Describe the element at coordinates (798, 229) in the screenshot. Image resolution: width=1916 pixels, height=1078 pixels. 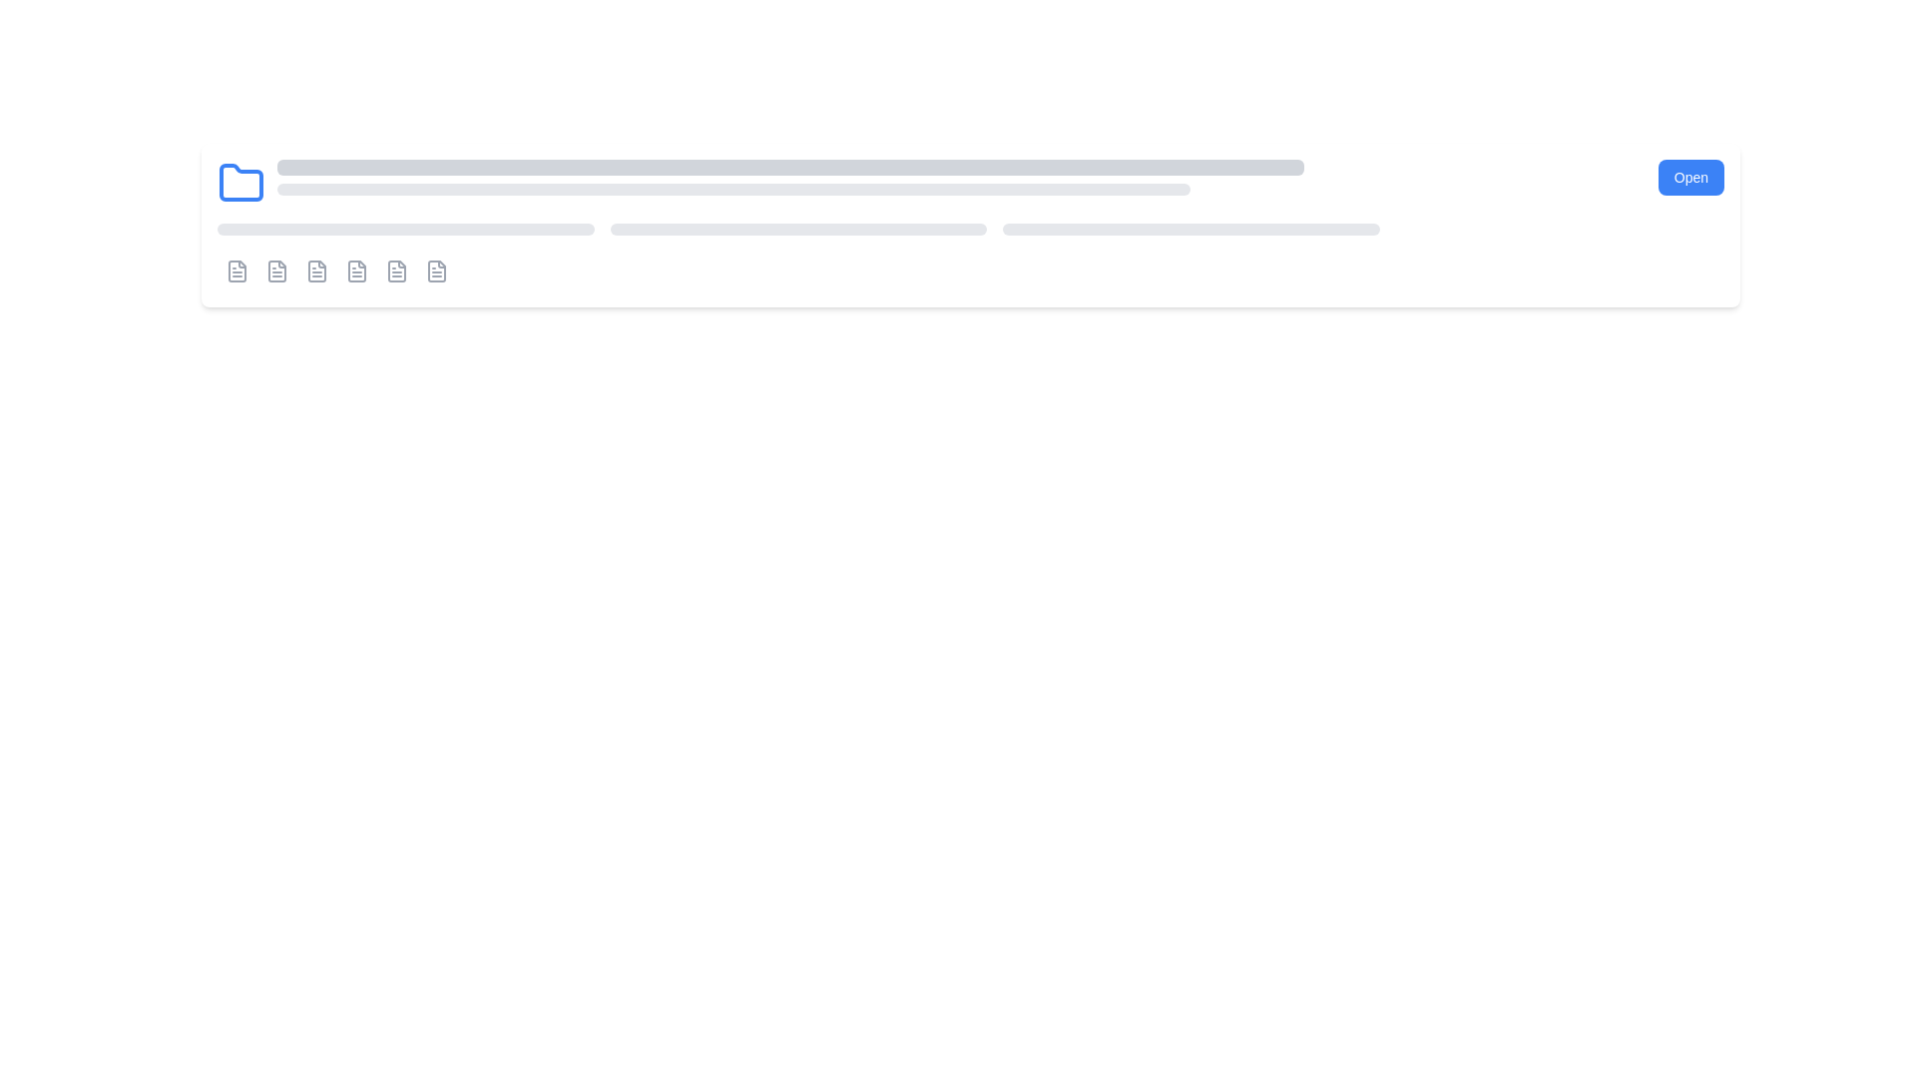
I see `the second non-interactive horizontal bar in a sequence of three, located in the upper-central section of the interface` at that location.